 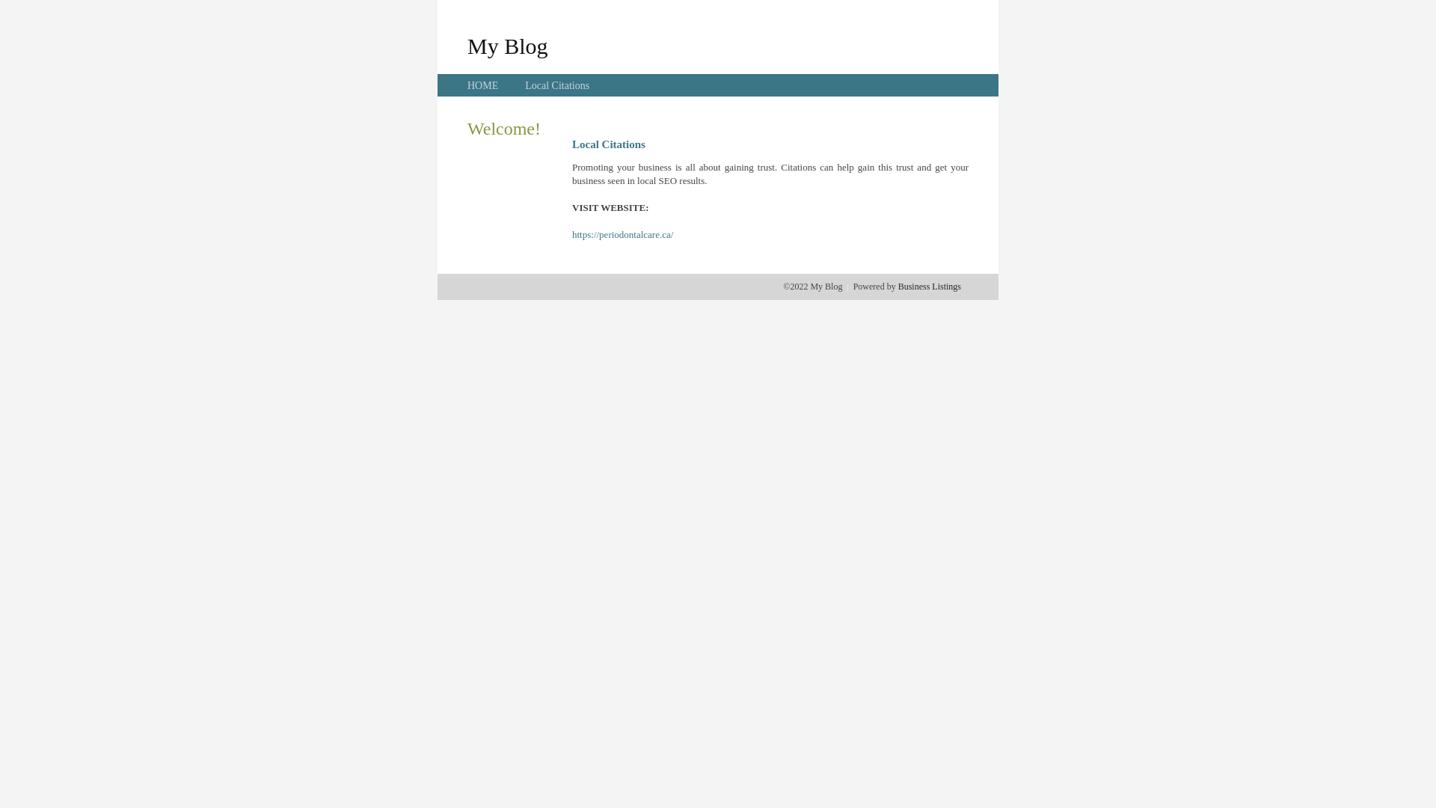 I want to click on 'Business Listings', so click(x=897, y=286).